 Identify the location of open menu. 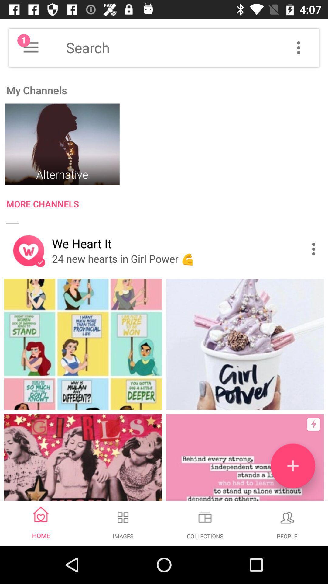
(31, 47).